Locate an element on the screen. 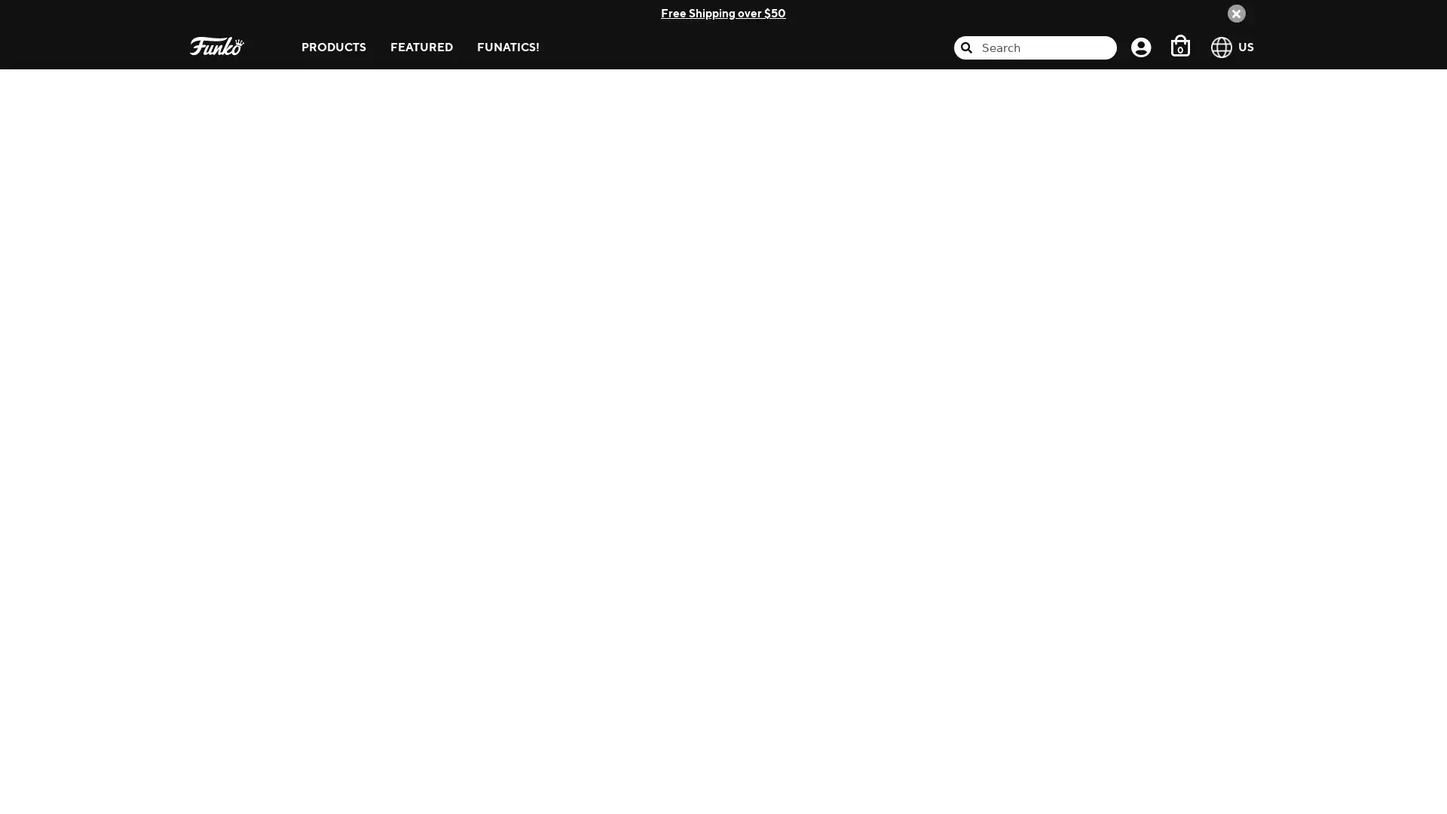 The height and width of the screenshot is (814, 1447). SIGN UP is located at coordinates (1117, 360).